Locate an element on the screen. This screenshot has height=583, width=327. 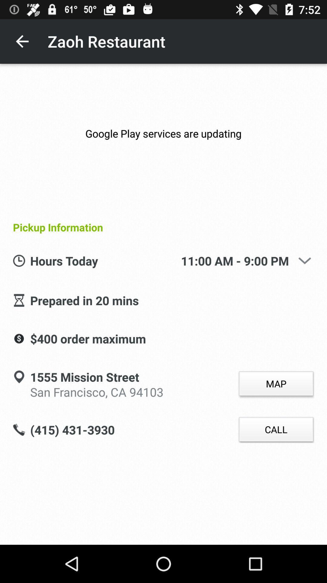
item to the left of the 11 00 am icon is located at coordinates (105, 261).